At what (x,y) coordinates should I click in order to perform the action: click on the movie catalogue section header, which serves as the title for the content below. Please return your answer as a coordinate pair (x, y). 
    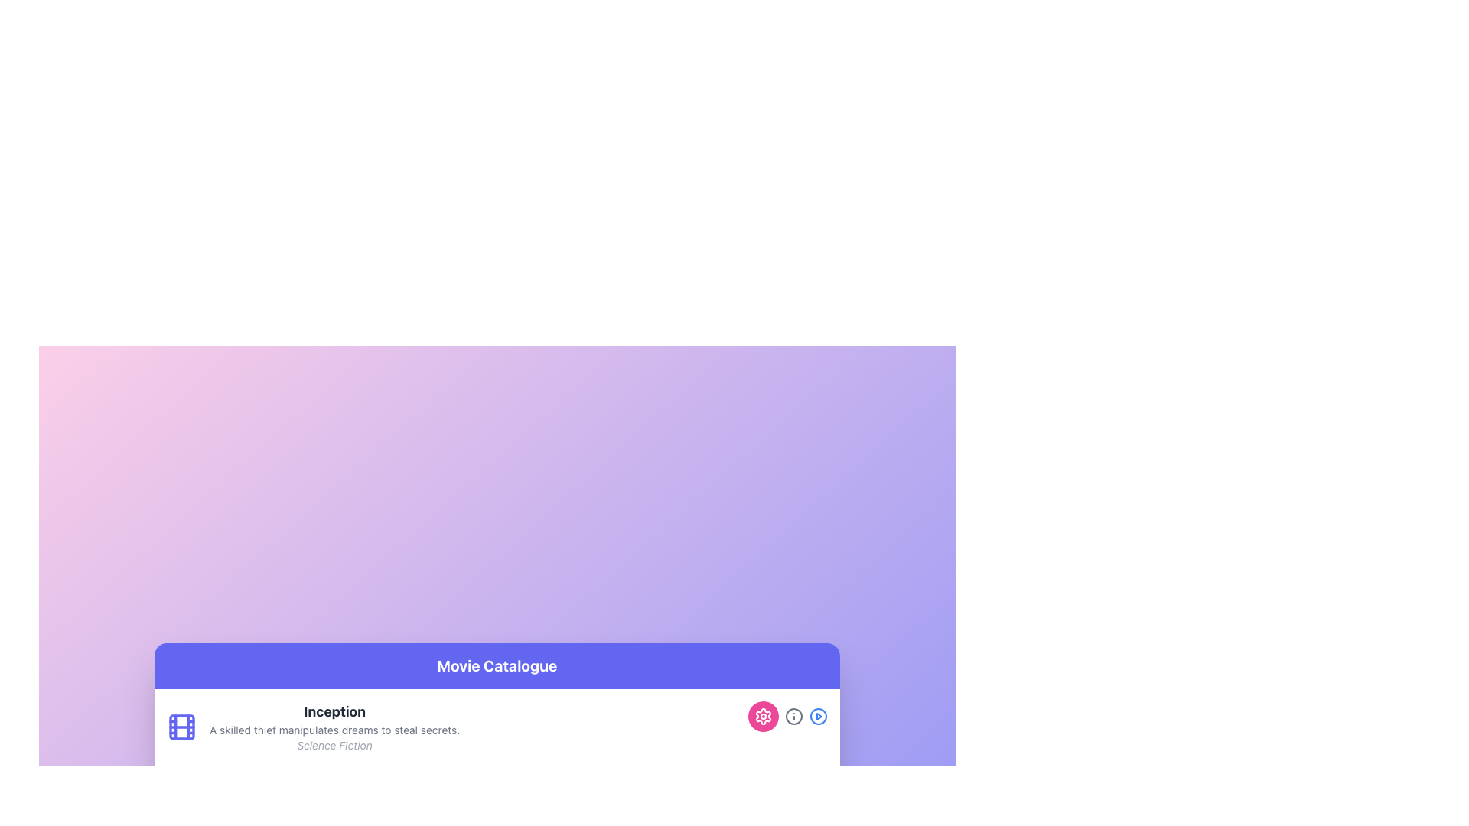
    Looking at the image, I should click on (497, 665).